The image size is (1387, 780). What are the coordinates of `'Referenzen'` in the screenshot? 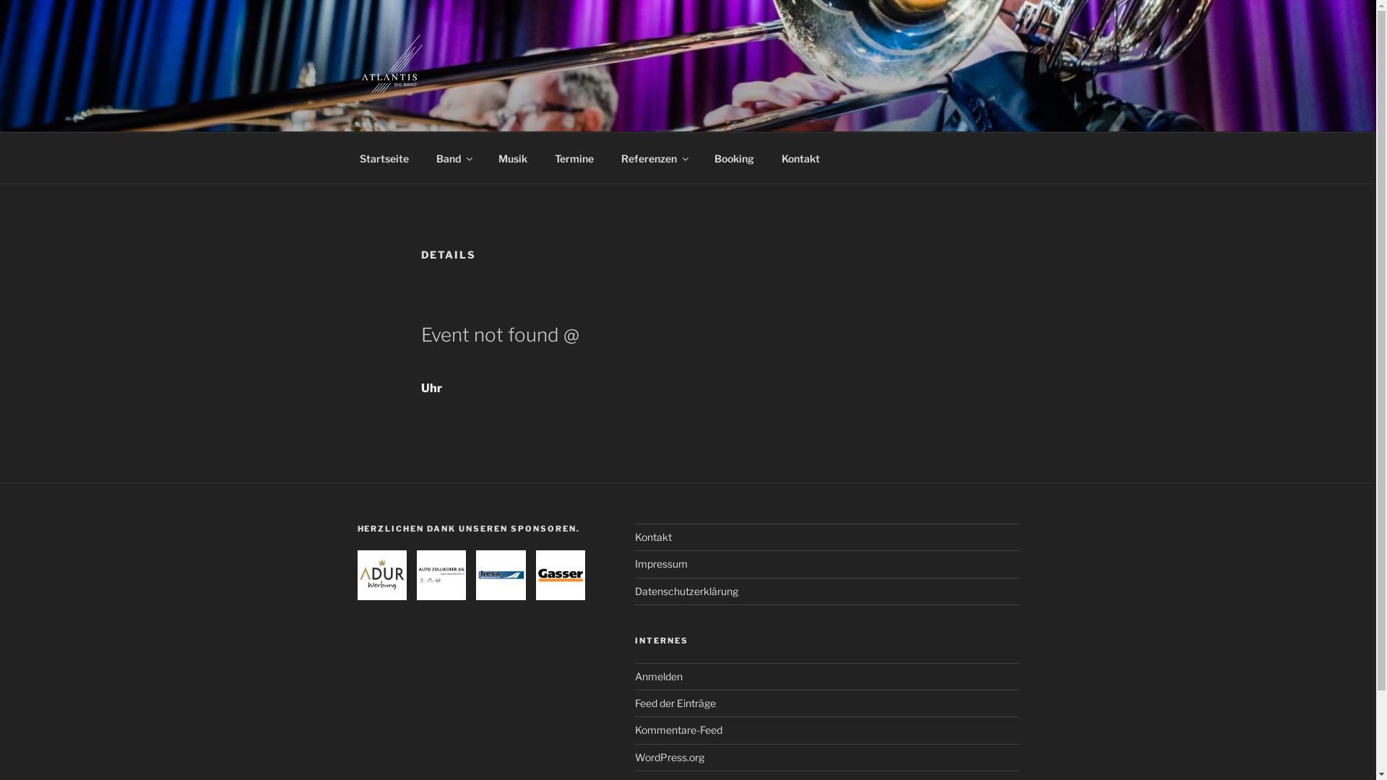 It's located at (653, 157).